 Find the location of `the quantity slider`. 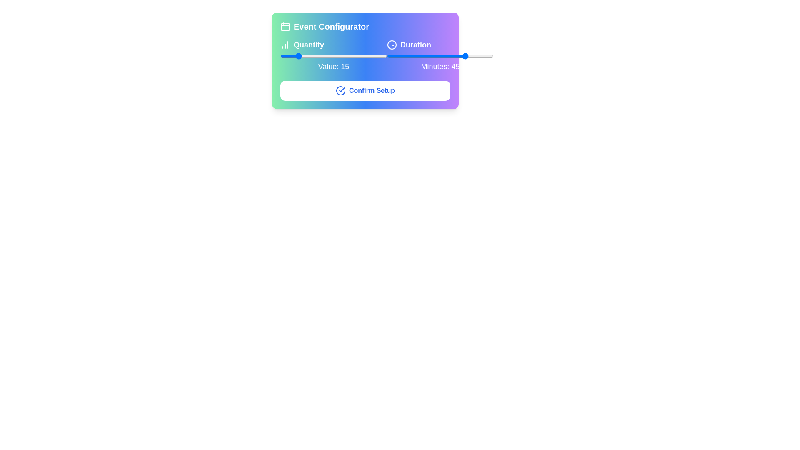

the quantity slider is located at coordinates (294, 56).